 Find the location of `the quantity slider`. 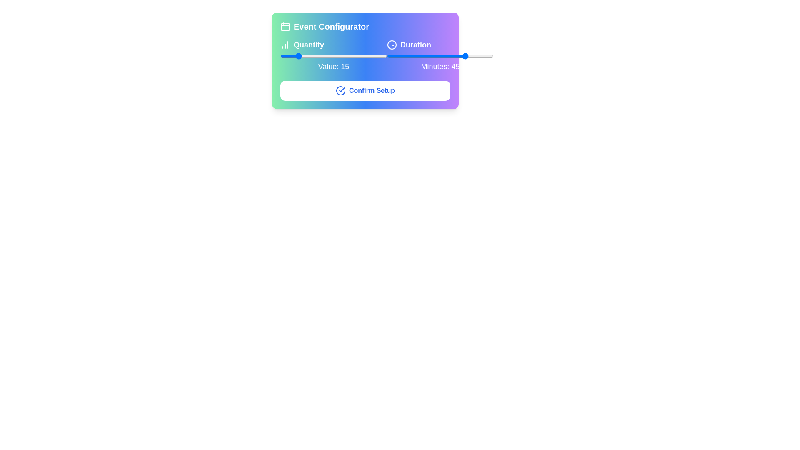

the quantity slider is located at coordinates (294, 56).